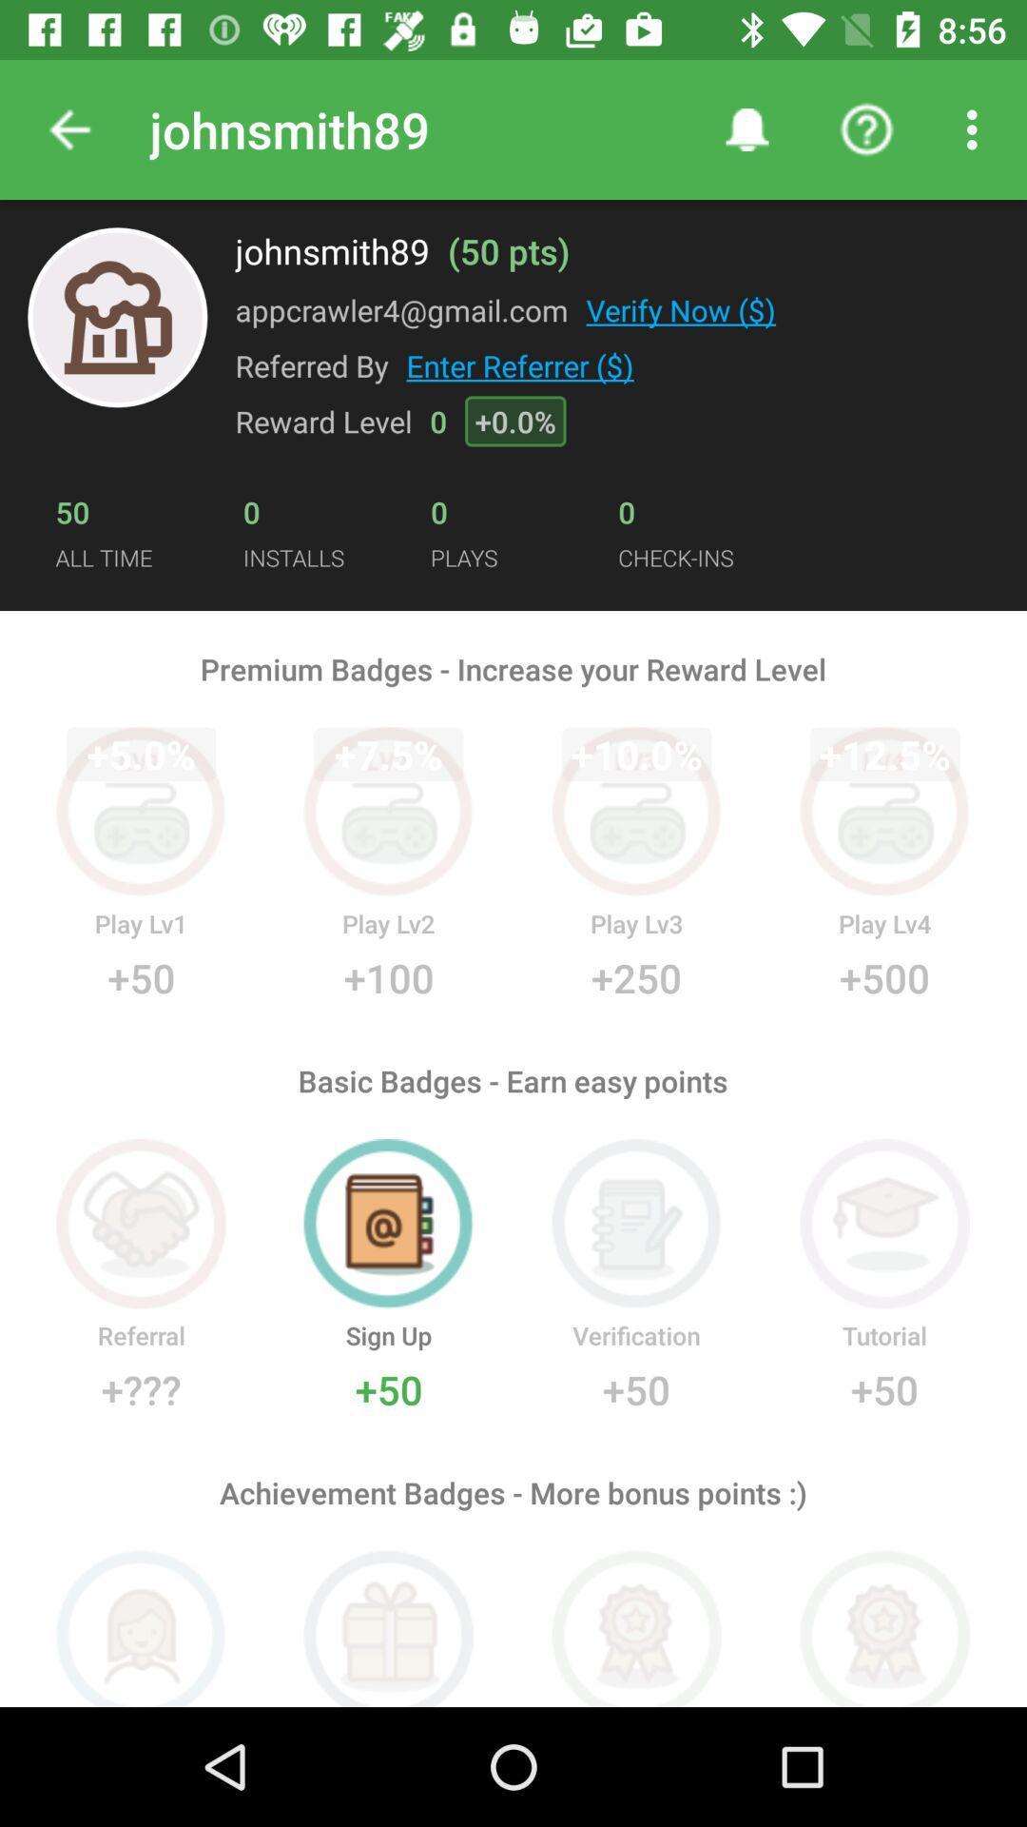 This screenshot has width=1027, height=1827. I want to click on the option which is right side to the bell option, so click(866, 129).